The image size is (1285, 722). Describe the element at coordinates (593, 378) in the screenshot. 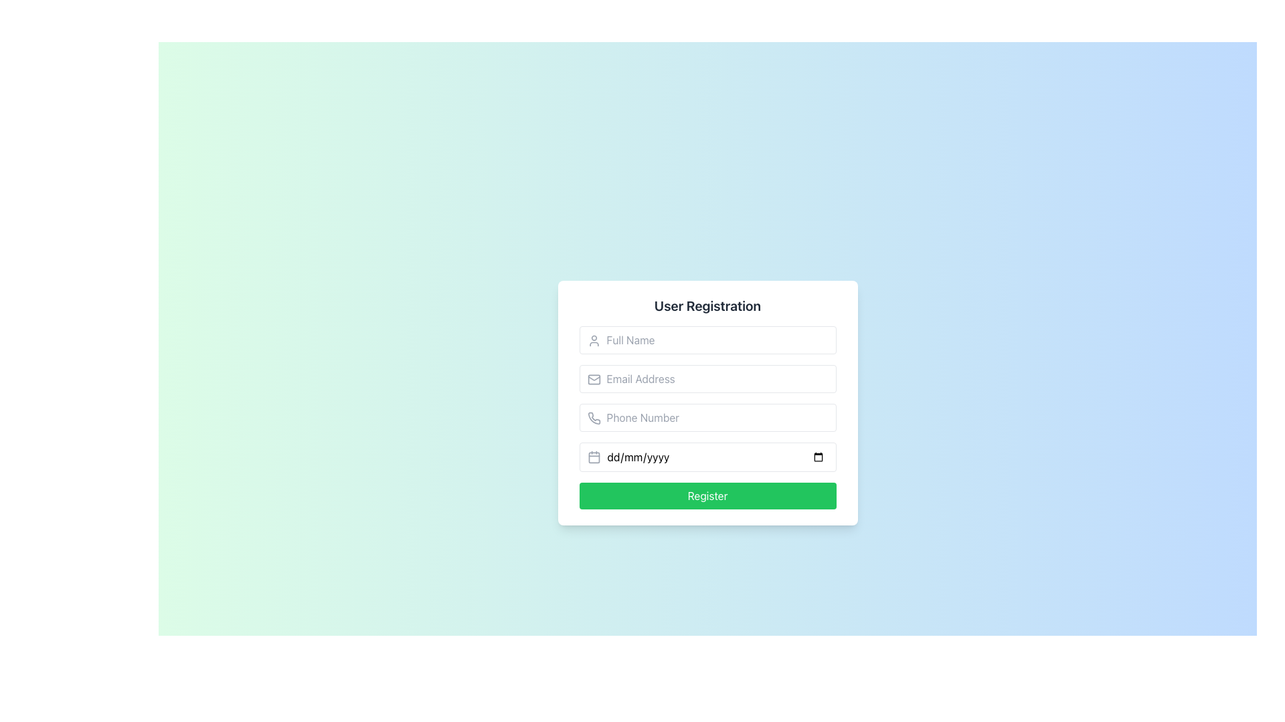

I see `the envelope icon segment representing the inner fold line, which is part of the 'Email Address' input field in the user registration form` at that location.